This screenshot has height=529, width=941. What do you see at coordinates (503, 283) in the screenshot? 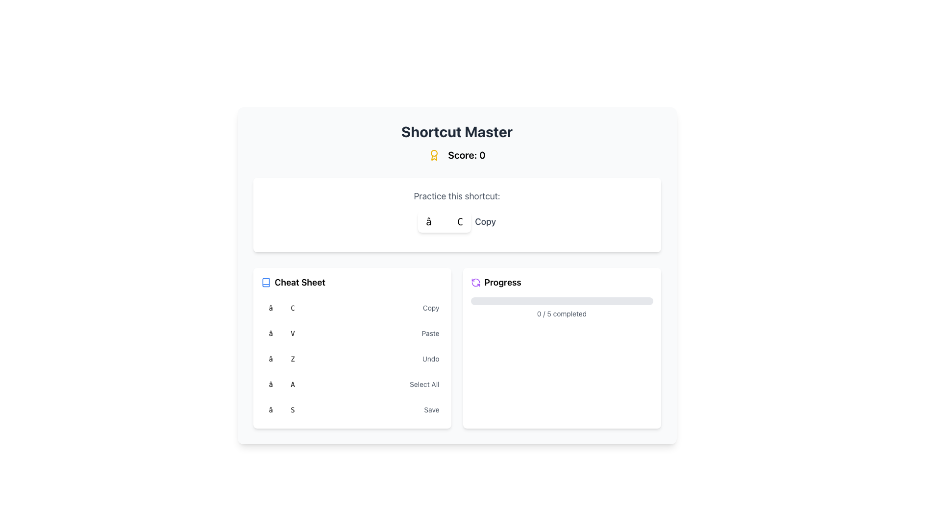
I see `the Text Label that denotes a section for monitoring or updating progress, located in the right section of the interface near the middle, aligned horizontally with an icon` at bounding box center [503, 283].